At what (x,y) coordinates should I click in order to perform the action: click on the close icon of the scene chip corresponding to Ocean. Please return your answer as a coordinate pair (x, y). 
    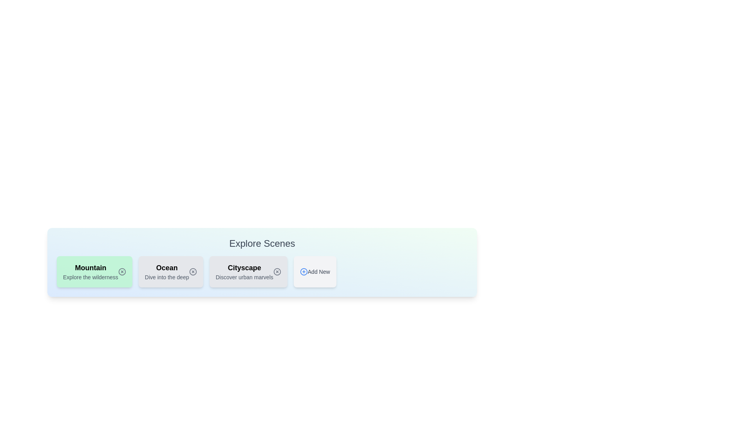
    Looking at the image, I should click on (193, 271).